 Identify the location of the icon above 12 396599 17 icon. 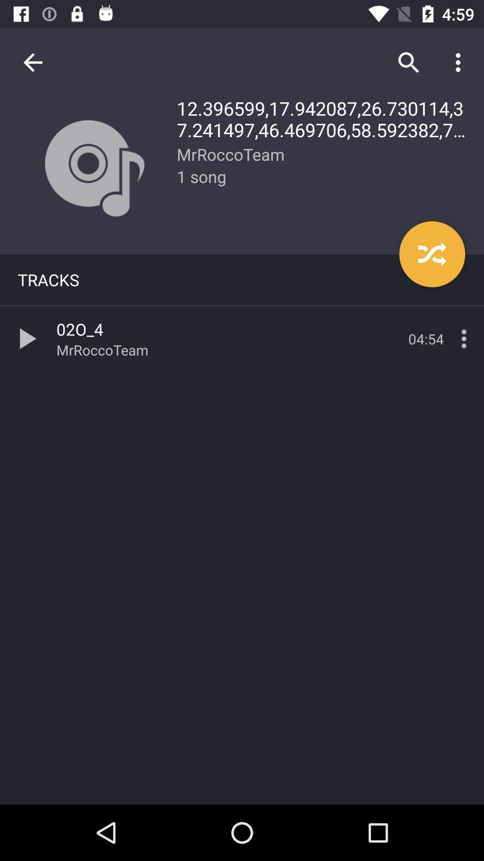
(408, 62).